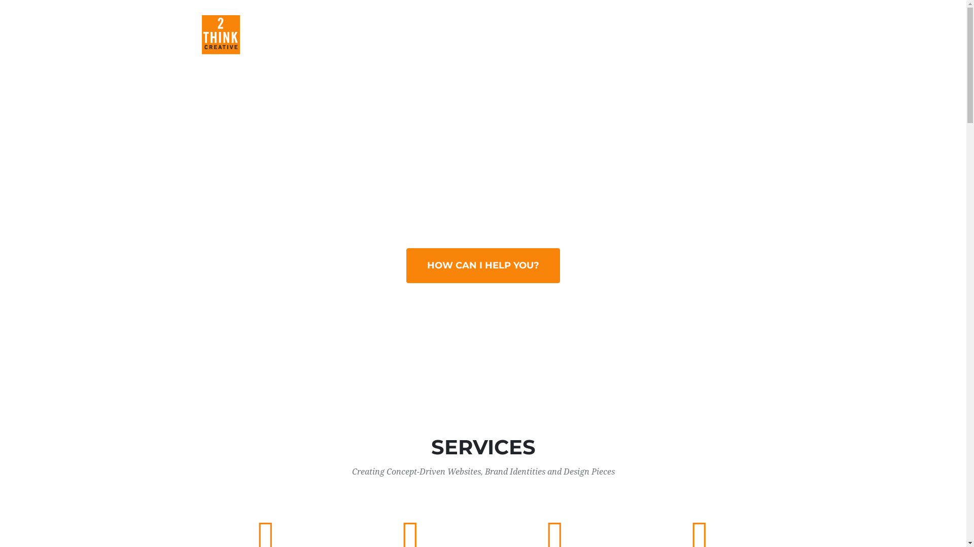  I want to click on 'CONTACT', so click(711, 34).